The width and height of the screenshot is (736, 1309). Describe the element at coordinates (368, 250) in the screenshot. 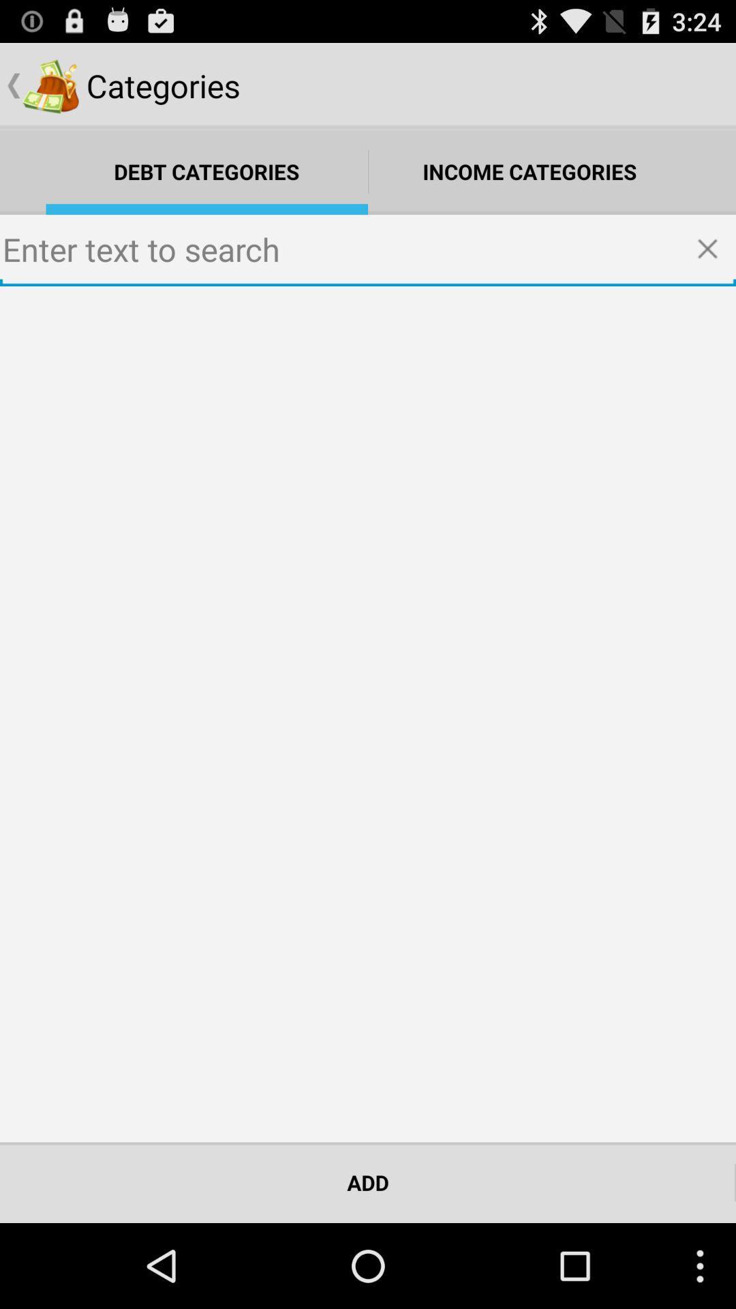

I see `text to search` at that location.